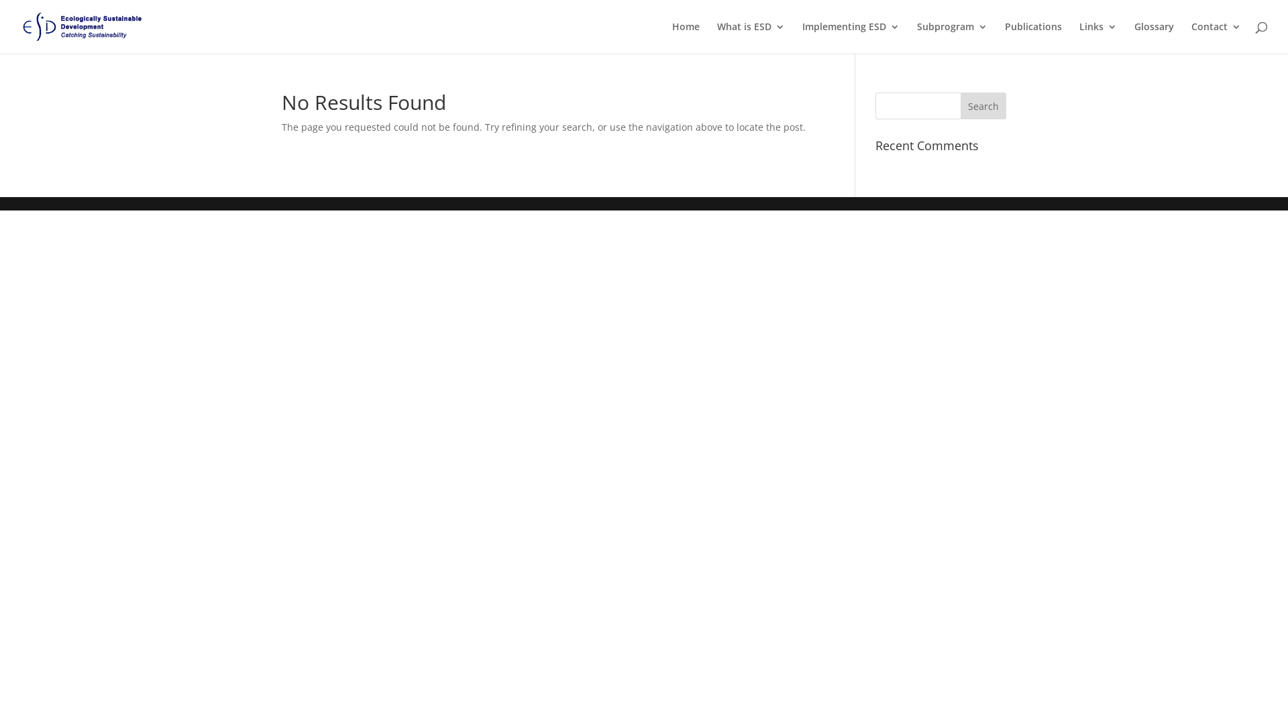 Image resolution: width=1288 pixels, height=724 pixels. I want to click on 'Subprogram', so click(951, 37).